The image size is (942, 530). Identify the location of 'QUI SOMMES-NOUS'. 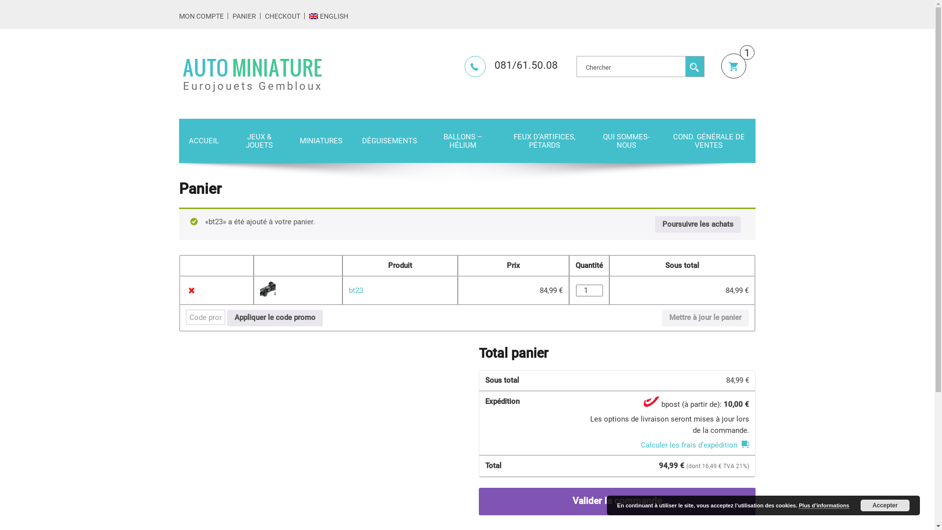
(626, 140).